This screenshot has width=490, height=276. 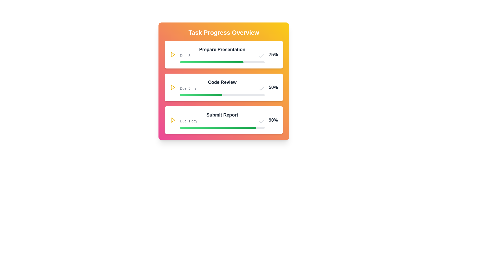 What do you see at coordinates (222, 62) in the screenshot?
I see `the horizontal progress bar indicating 75% completion under the task 'Prepare Presentation'` at bounding box center [222, 62].